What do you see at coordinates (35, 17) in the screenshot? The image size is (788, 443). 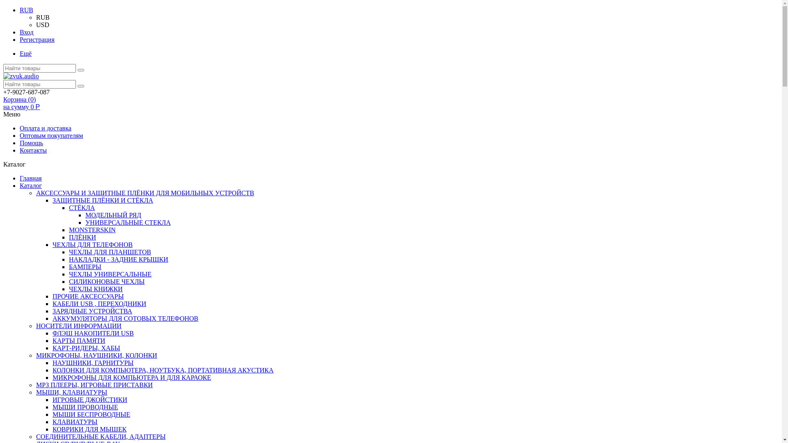 I see `'RUB'` at bounding box center [35, 17].